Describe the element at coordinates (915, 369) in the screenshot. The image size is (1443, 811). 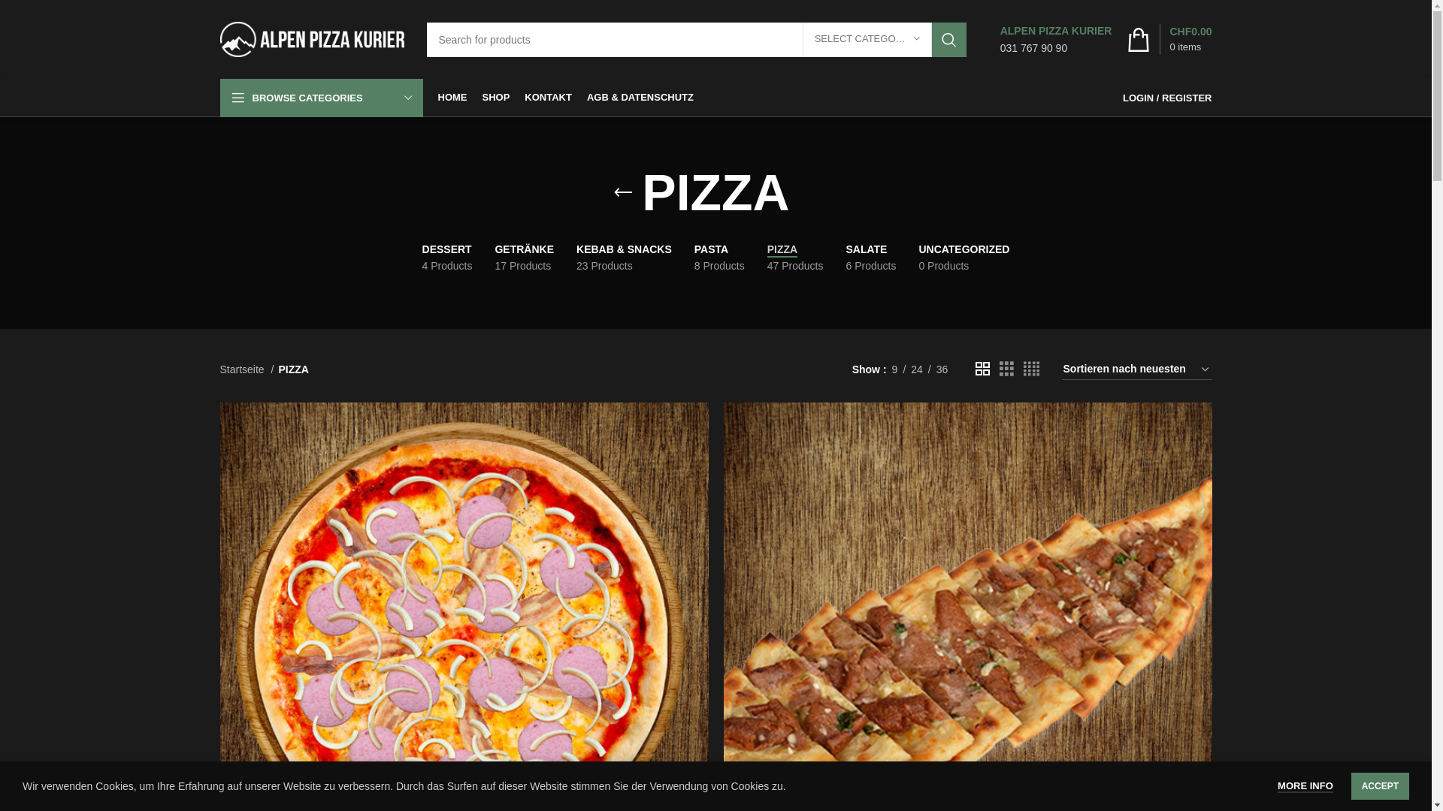
I see `'24'` at that location.